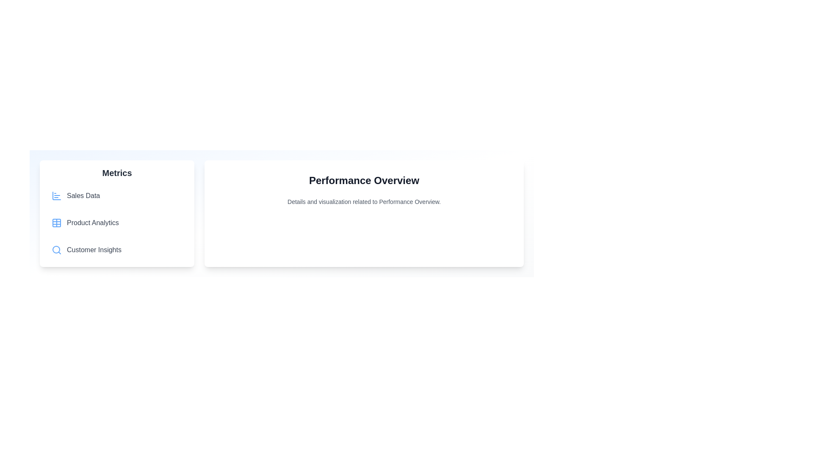  Describe the element at coordinates (116, 195) in the screenshot. I see `the first list item under the 'Metrics' header in the left-hand panel` at that location.